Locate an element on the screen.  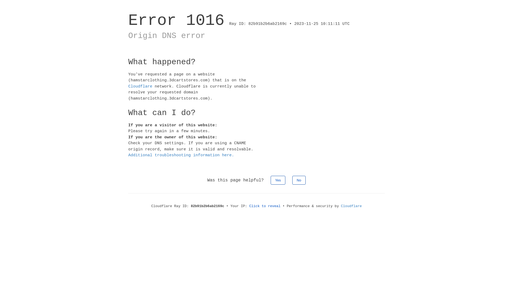
'Additional troubleshooting information here.' is located at coordinates (128, 155).